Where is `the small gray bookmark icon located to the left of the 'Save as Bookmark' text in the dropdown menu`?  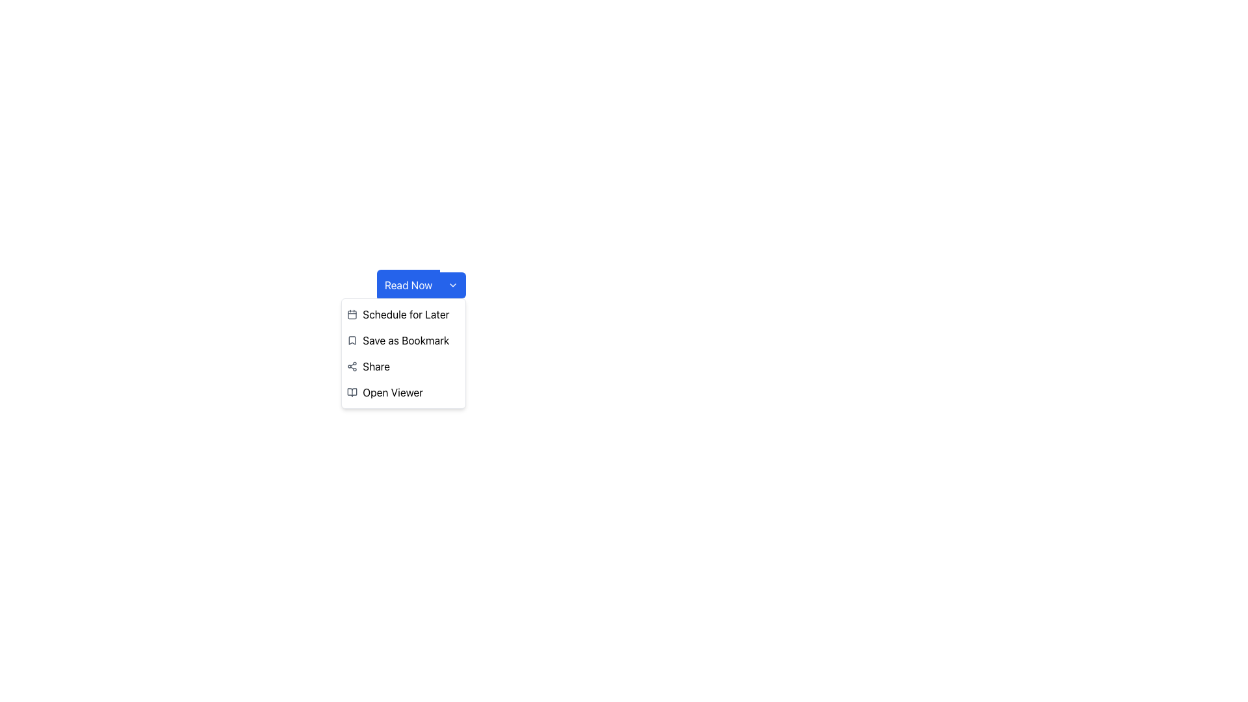
the small gray bookmark icon located to the left of the 'Save as Bookmark' text in the dropdown menu is located at coordinates (352, 340).